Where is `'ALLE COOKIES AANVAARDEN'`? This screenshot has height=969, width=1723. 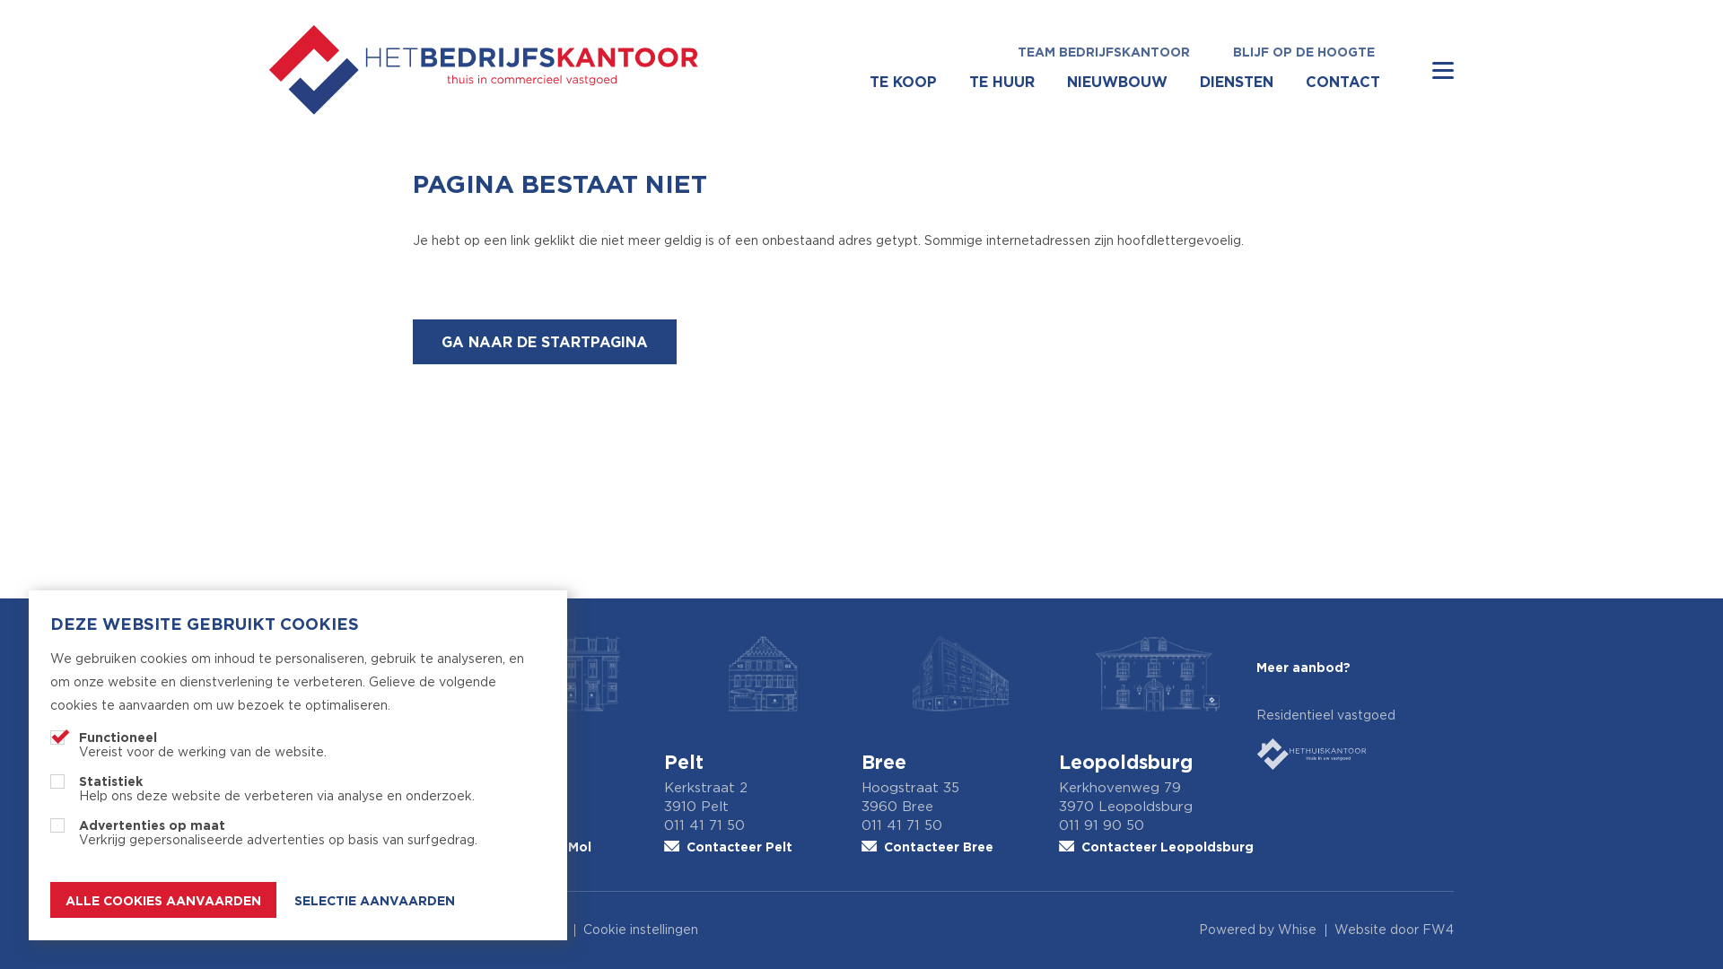 'ALLE COOKIES AANVAARDEN' is located at coordinates (163, 899).